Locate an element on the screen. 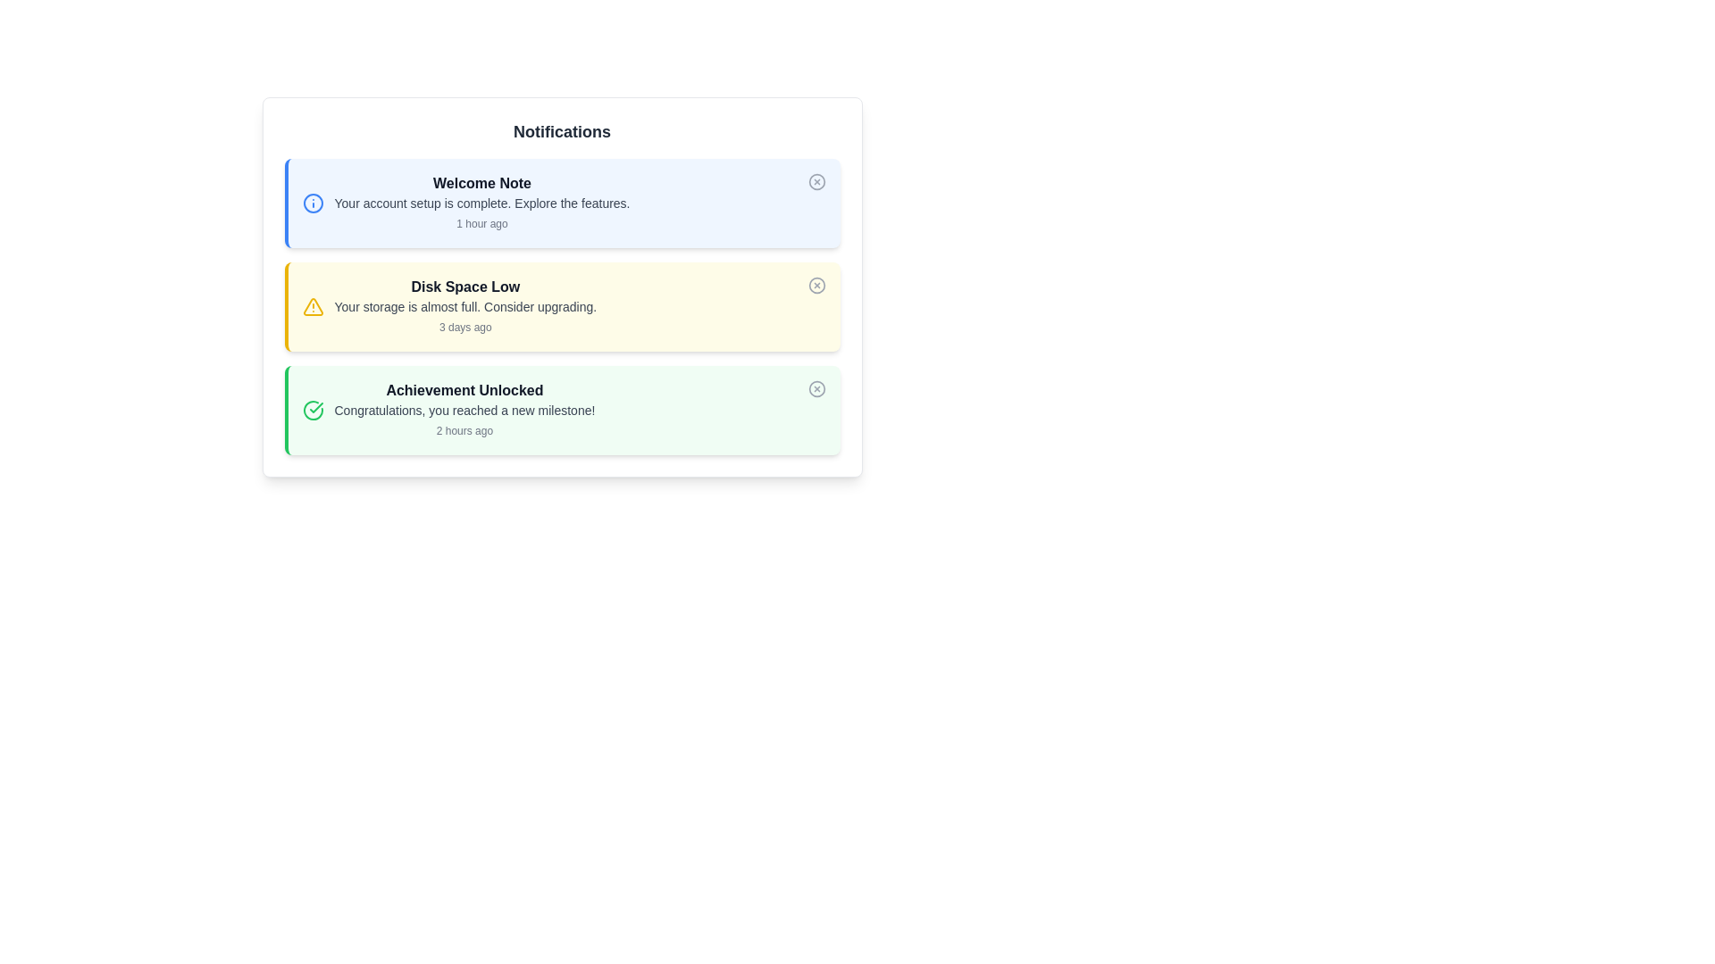 The width and height of the screenshot is (1715, 964). the text element that states 'Your account setup is complete. Explore the features.', which is styled in gray color and located below the 'Welcome Note' title is located at coordinates (482, 202).